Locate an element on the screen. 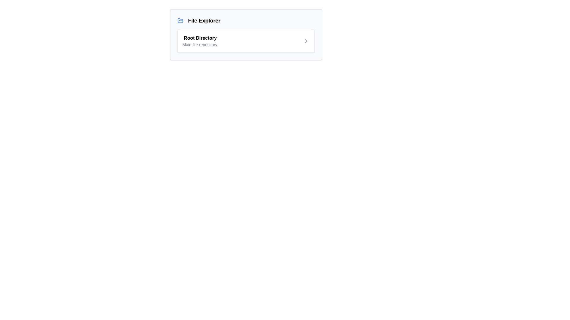  the clickable card representing the root directory in the File Explorer interface, which provides context about its contents ('Main file repository') is located at coordinates (246, 41).